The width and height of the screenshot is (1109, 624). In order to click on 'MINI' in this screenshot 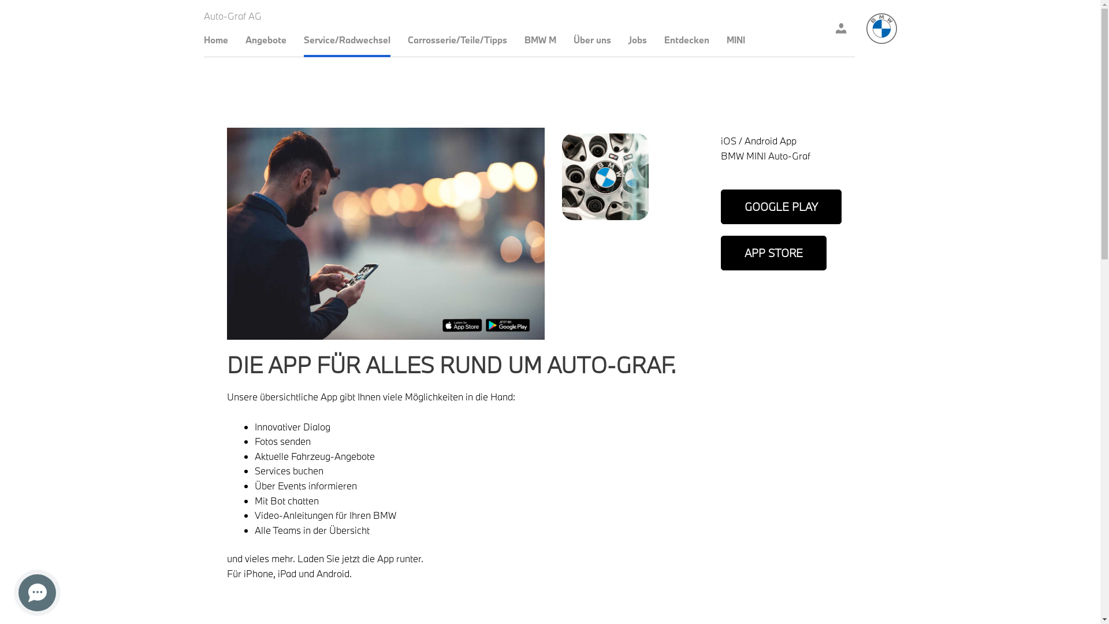, I will do `click(735, 39)`.